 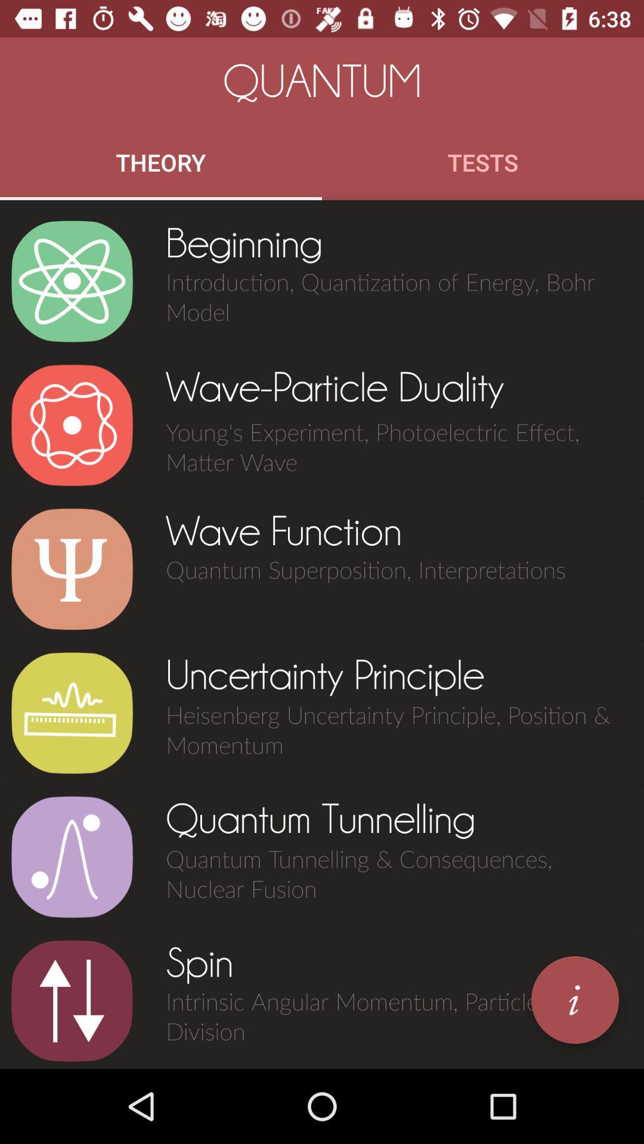 I want to click on icon below the quantum tunnelling consequences item, so click(x=574, y=1000).